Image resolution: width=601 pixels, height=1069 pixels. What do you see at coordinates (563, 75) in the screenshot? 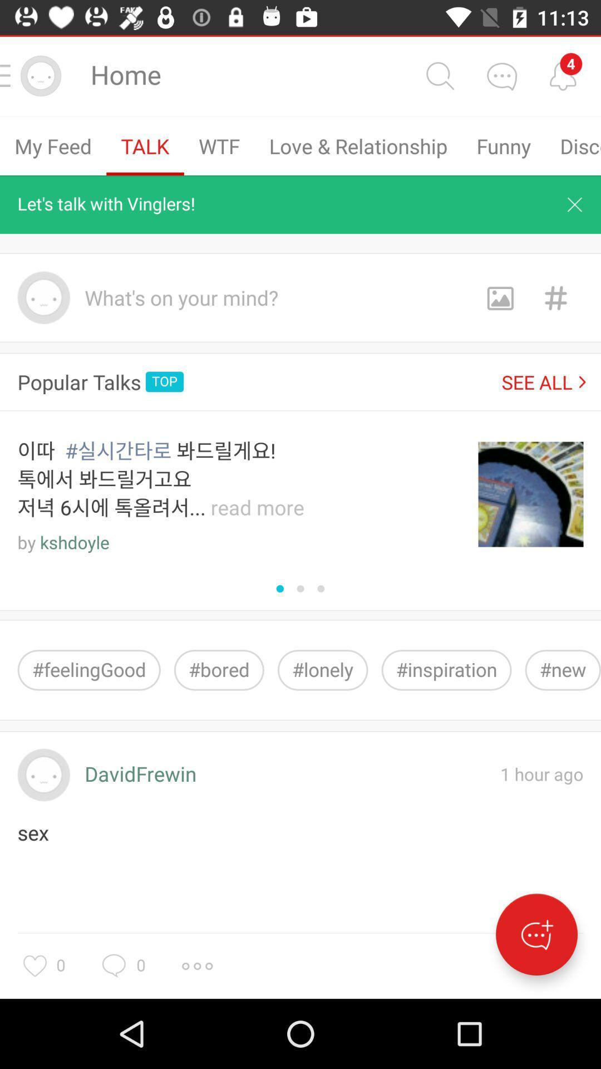
I see `read comments` at bounding box center [563, 75].